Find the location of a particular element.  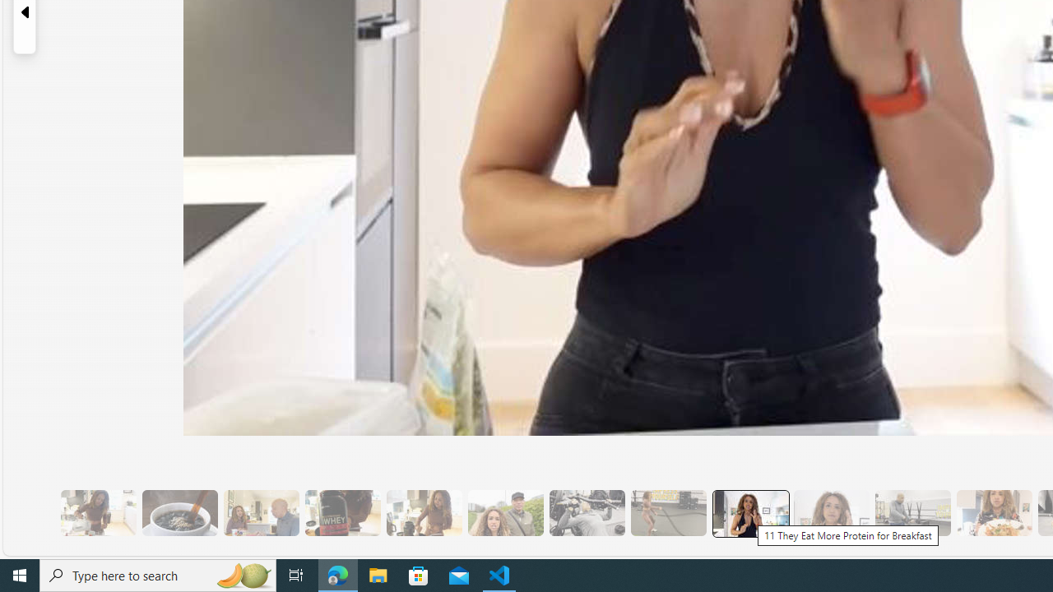

'14 They Have Salmon and Veggies for Dinner' is located at coordinates (993, 512).